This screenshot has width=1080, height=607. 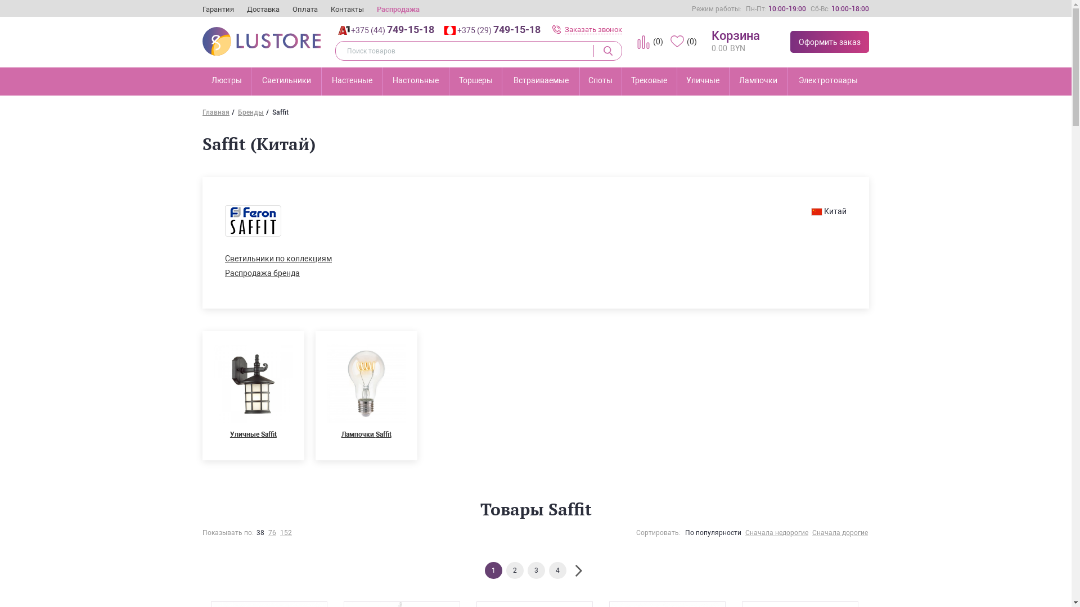 I want to click on '4', so click(x=548, y=570).